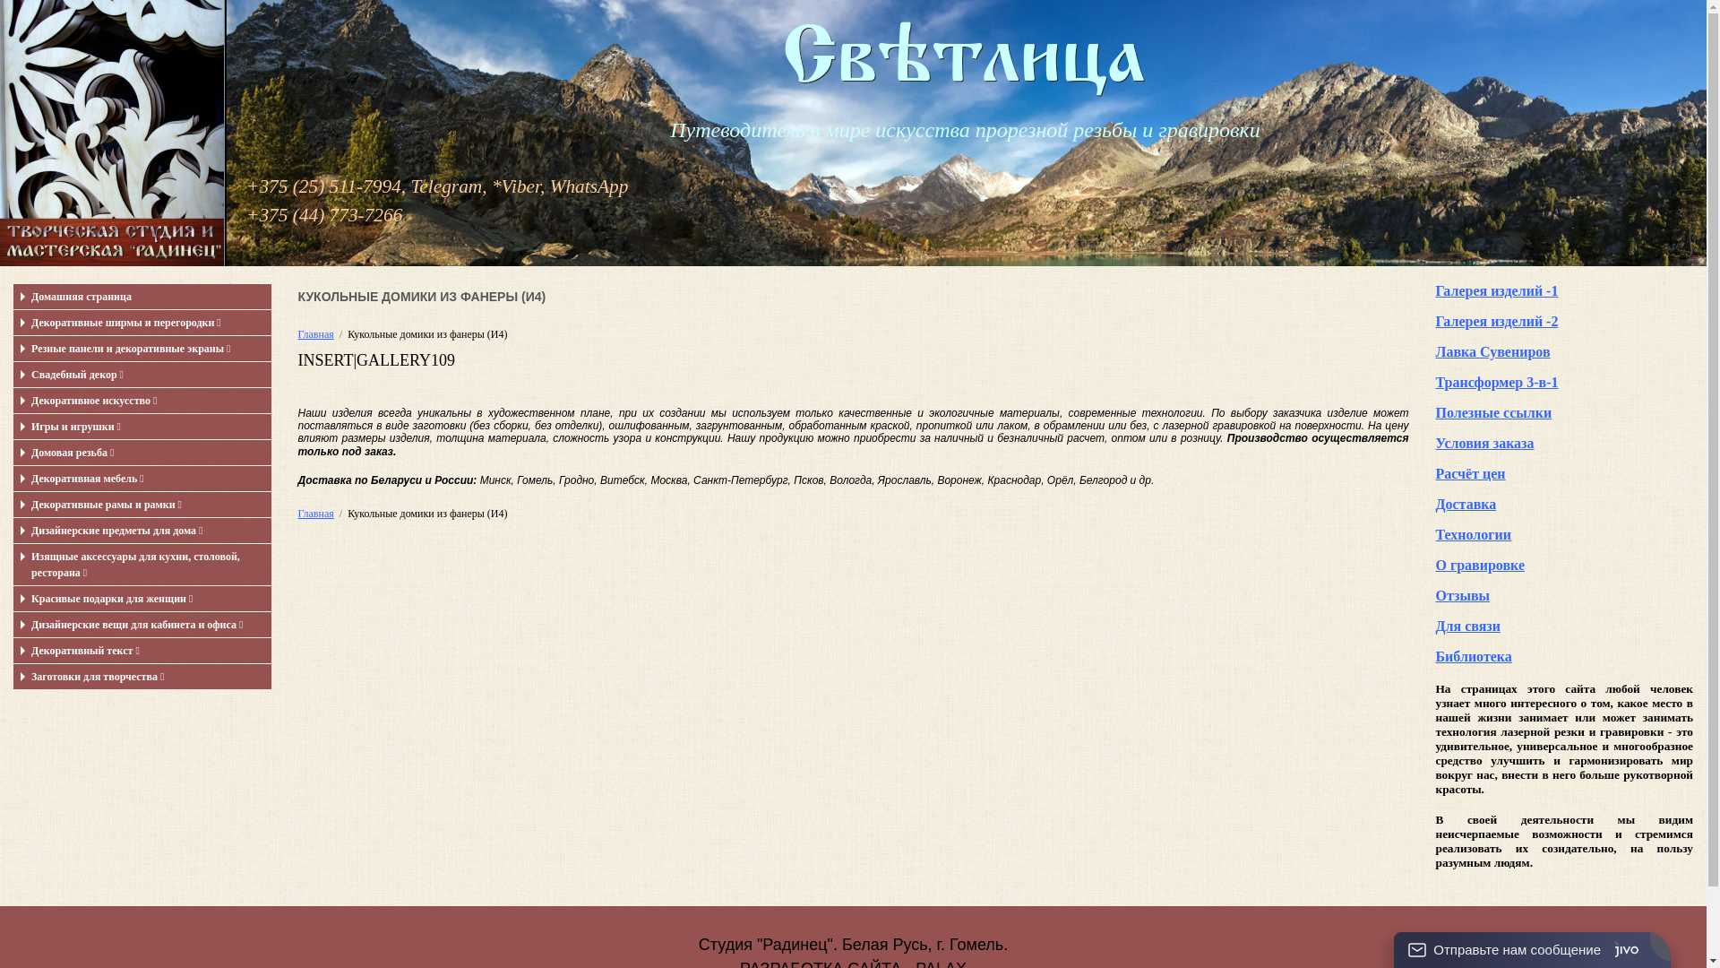  What do you see at coordinates (520, 186) in the screenshot?
I see `'Viber'` at bounding box center [520, 186].